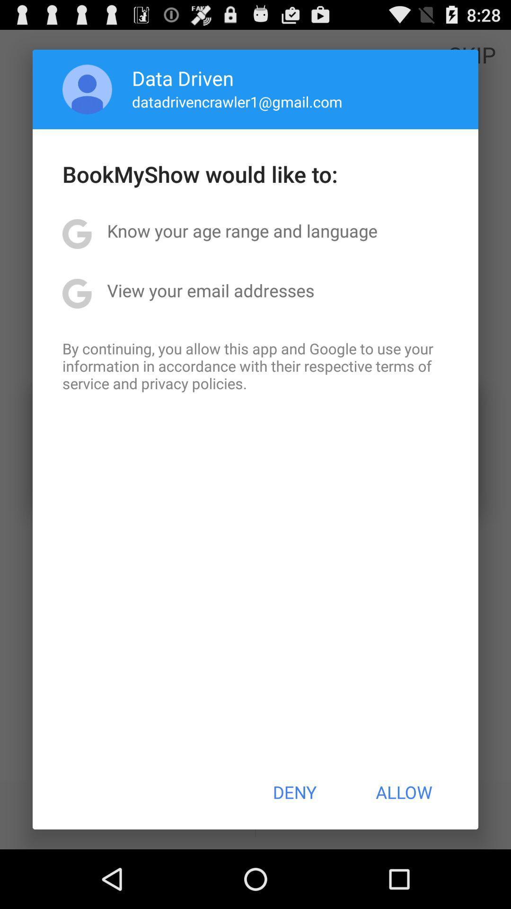 The width and height of the screenshot is (511, 909). Describe the element at coordinates (210, 290) in the screenshot. I see `icon below know your age item` at that location.